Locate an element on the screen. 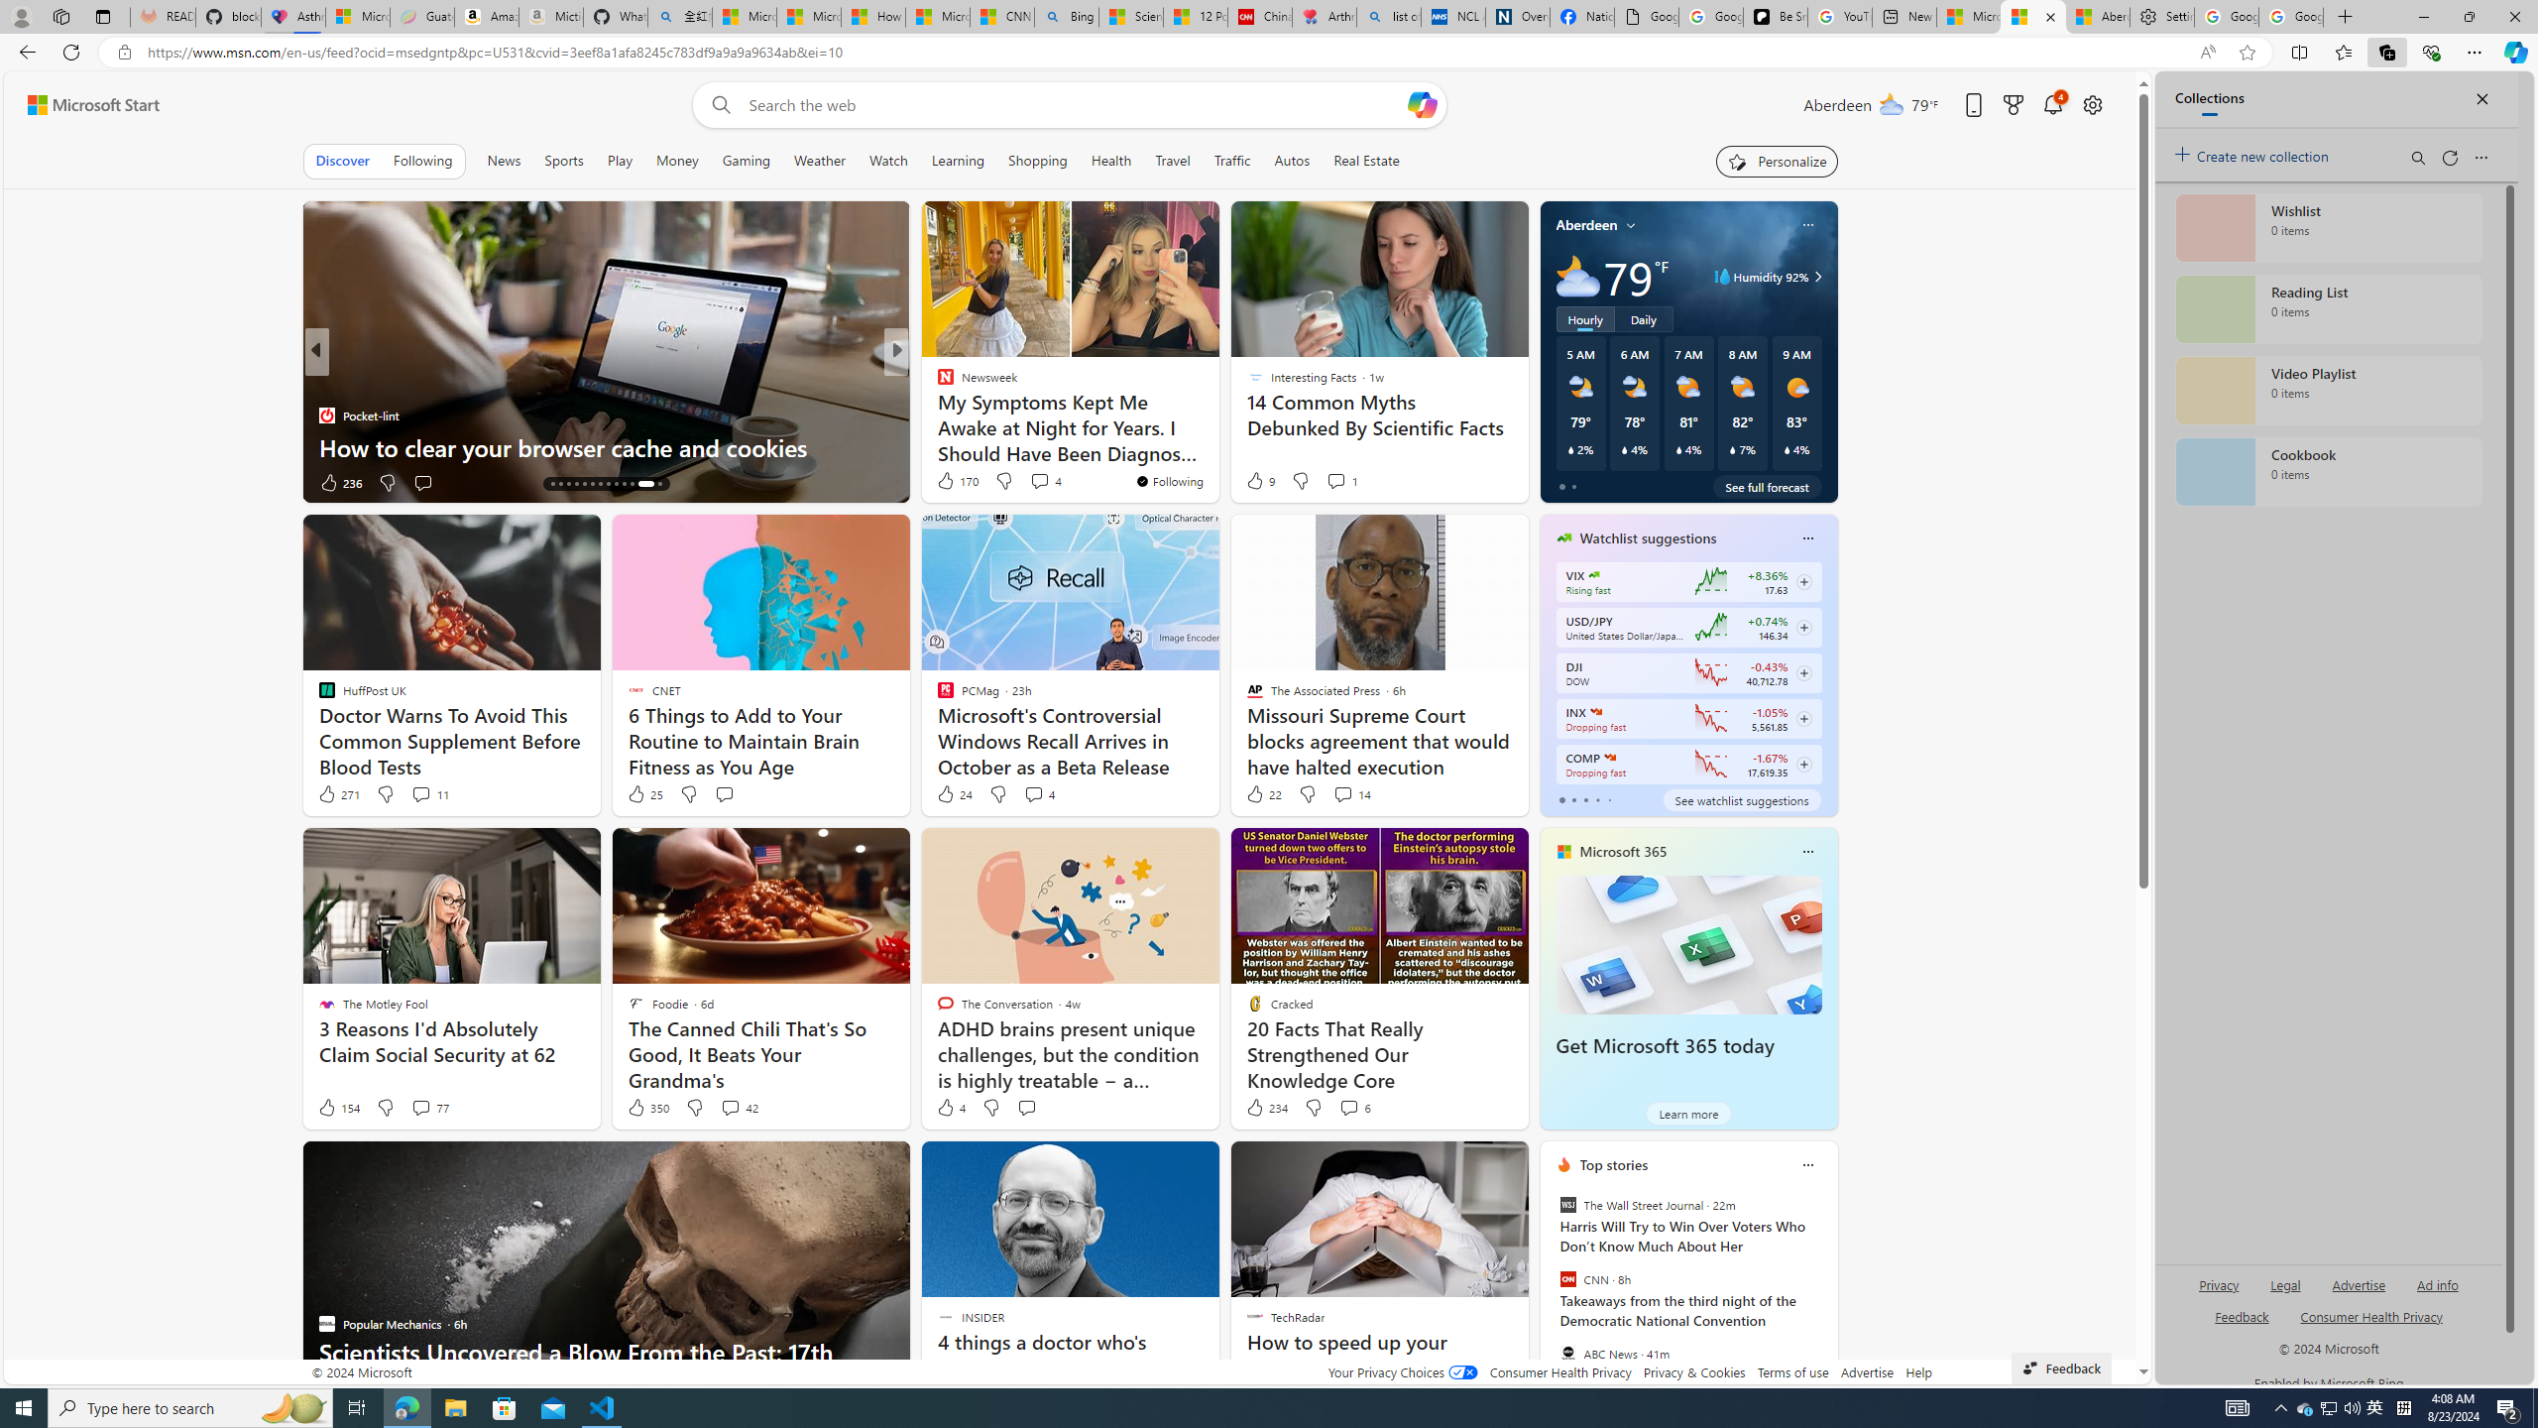 This screenshot has height=1428, width=2538. 'Money' is located at coordinates (675, 160).